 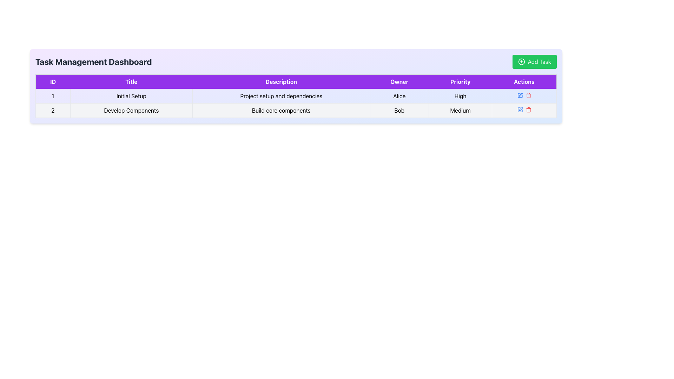 What do you see at coordinates (296, 81) in the screenshot?
I see `the Table Header Row element displaying 'ID, Title, Description, Owner, Priority, Actions' with a purple background and white text` at bounding box center [296, 81].